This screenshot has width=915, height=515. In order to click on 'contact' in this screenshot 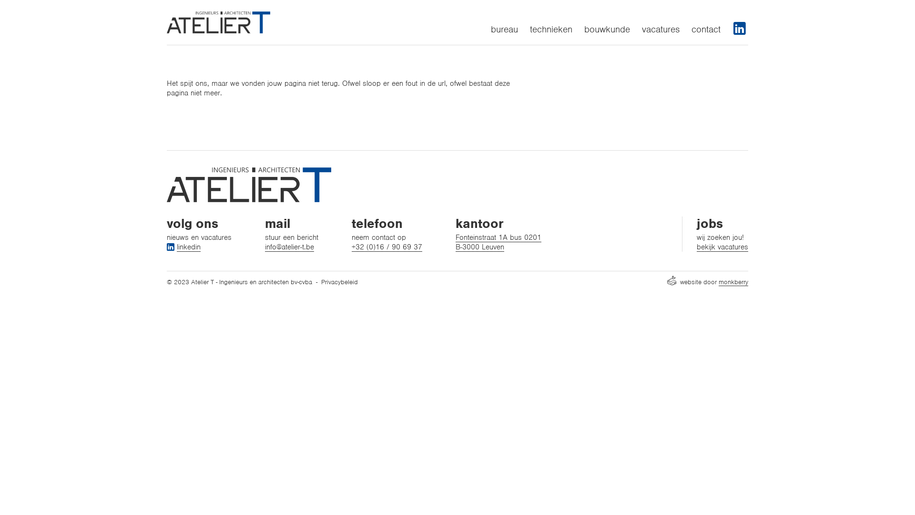, I will do `click(706, 29)`.